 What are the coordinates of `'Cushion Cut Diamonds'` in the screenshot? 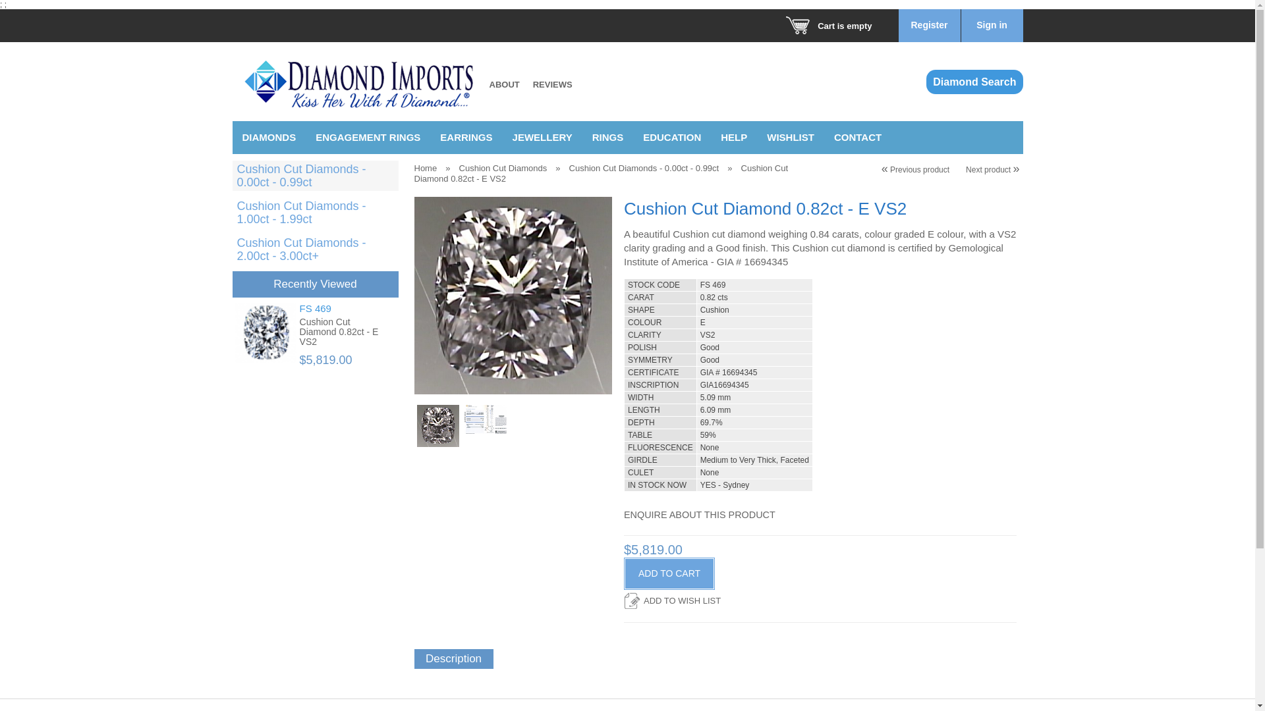 It's located at (459, 167).